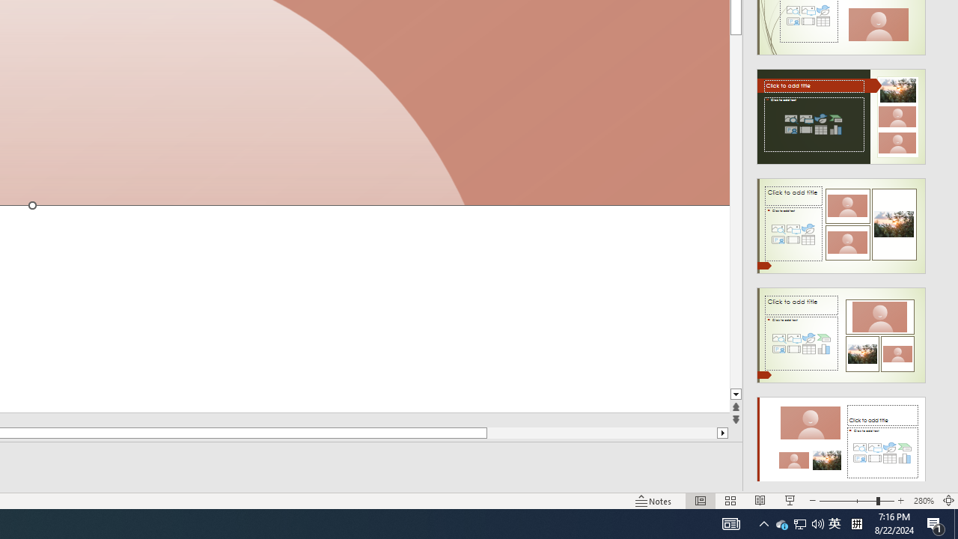  I want to click on 'Reading View', so click(760, 501).